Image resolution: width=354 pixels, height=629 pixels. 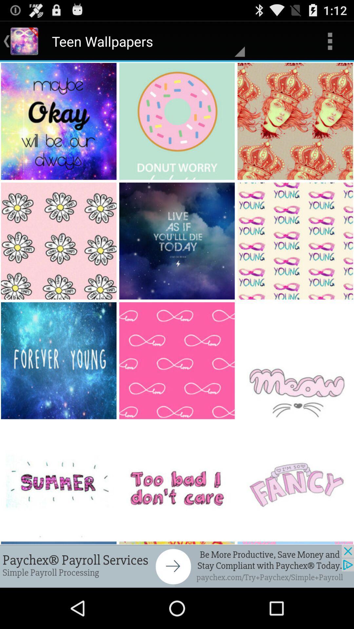 I want to click on the image which says summer, so click(x=59, y=480).